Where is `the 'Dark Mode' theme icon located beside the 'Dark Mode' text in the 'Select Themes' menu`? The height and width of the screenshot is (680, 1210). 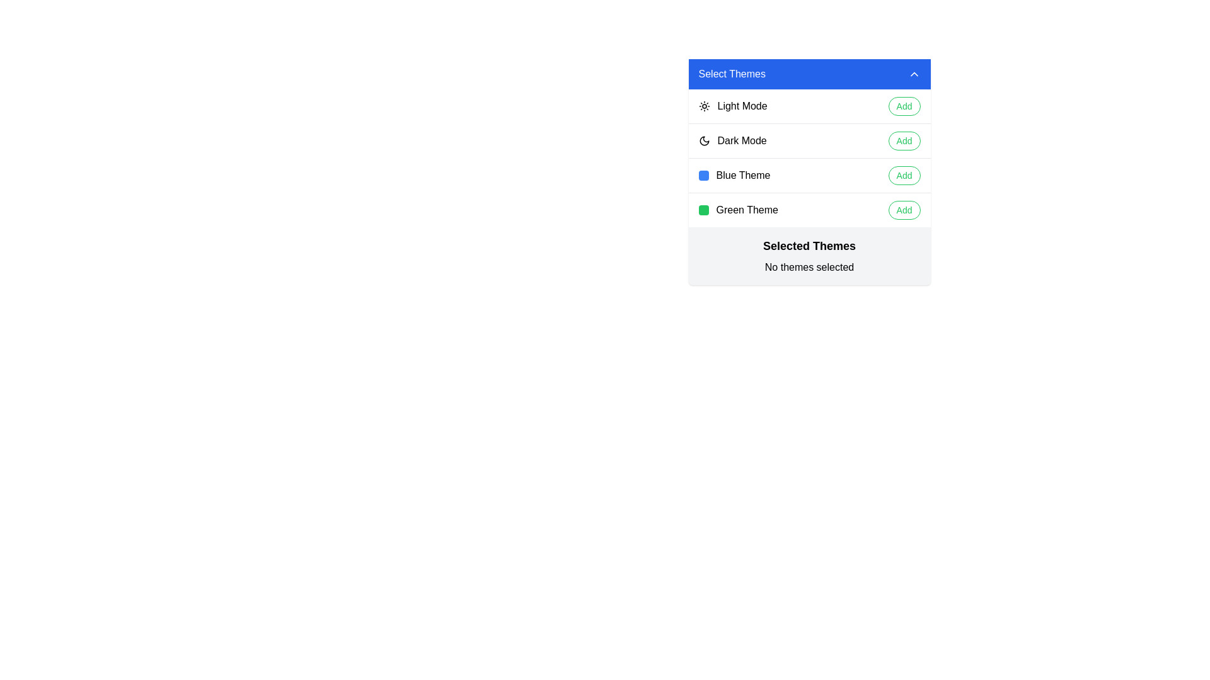 the 'Dark Mode' theme icon located beside the 'Dark Mode' text in the 'Select Themes' menu is located at coordinates (703, 140).